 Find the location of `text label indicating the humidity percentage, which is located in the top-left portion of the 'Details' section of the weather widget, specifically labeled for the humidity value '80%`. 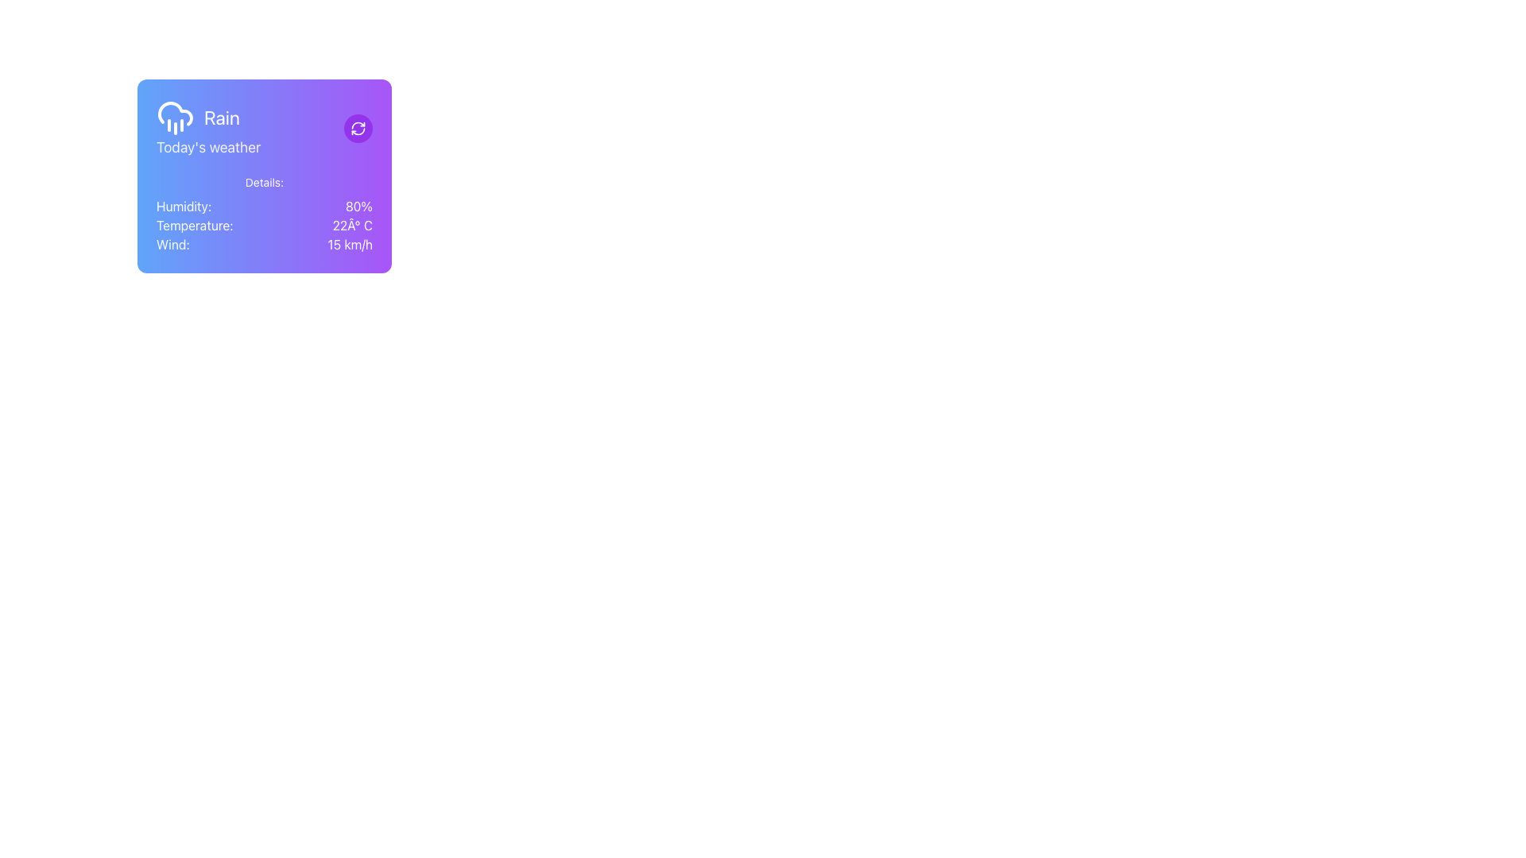

text label indicating the humidity percentage, which is located in the top-left portion of the 'Details' section of the weather widget, specifically labeled for the humidity value '80% is located at coordinates (184, 205).